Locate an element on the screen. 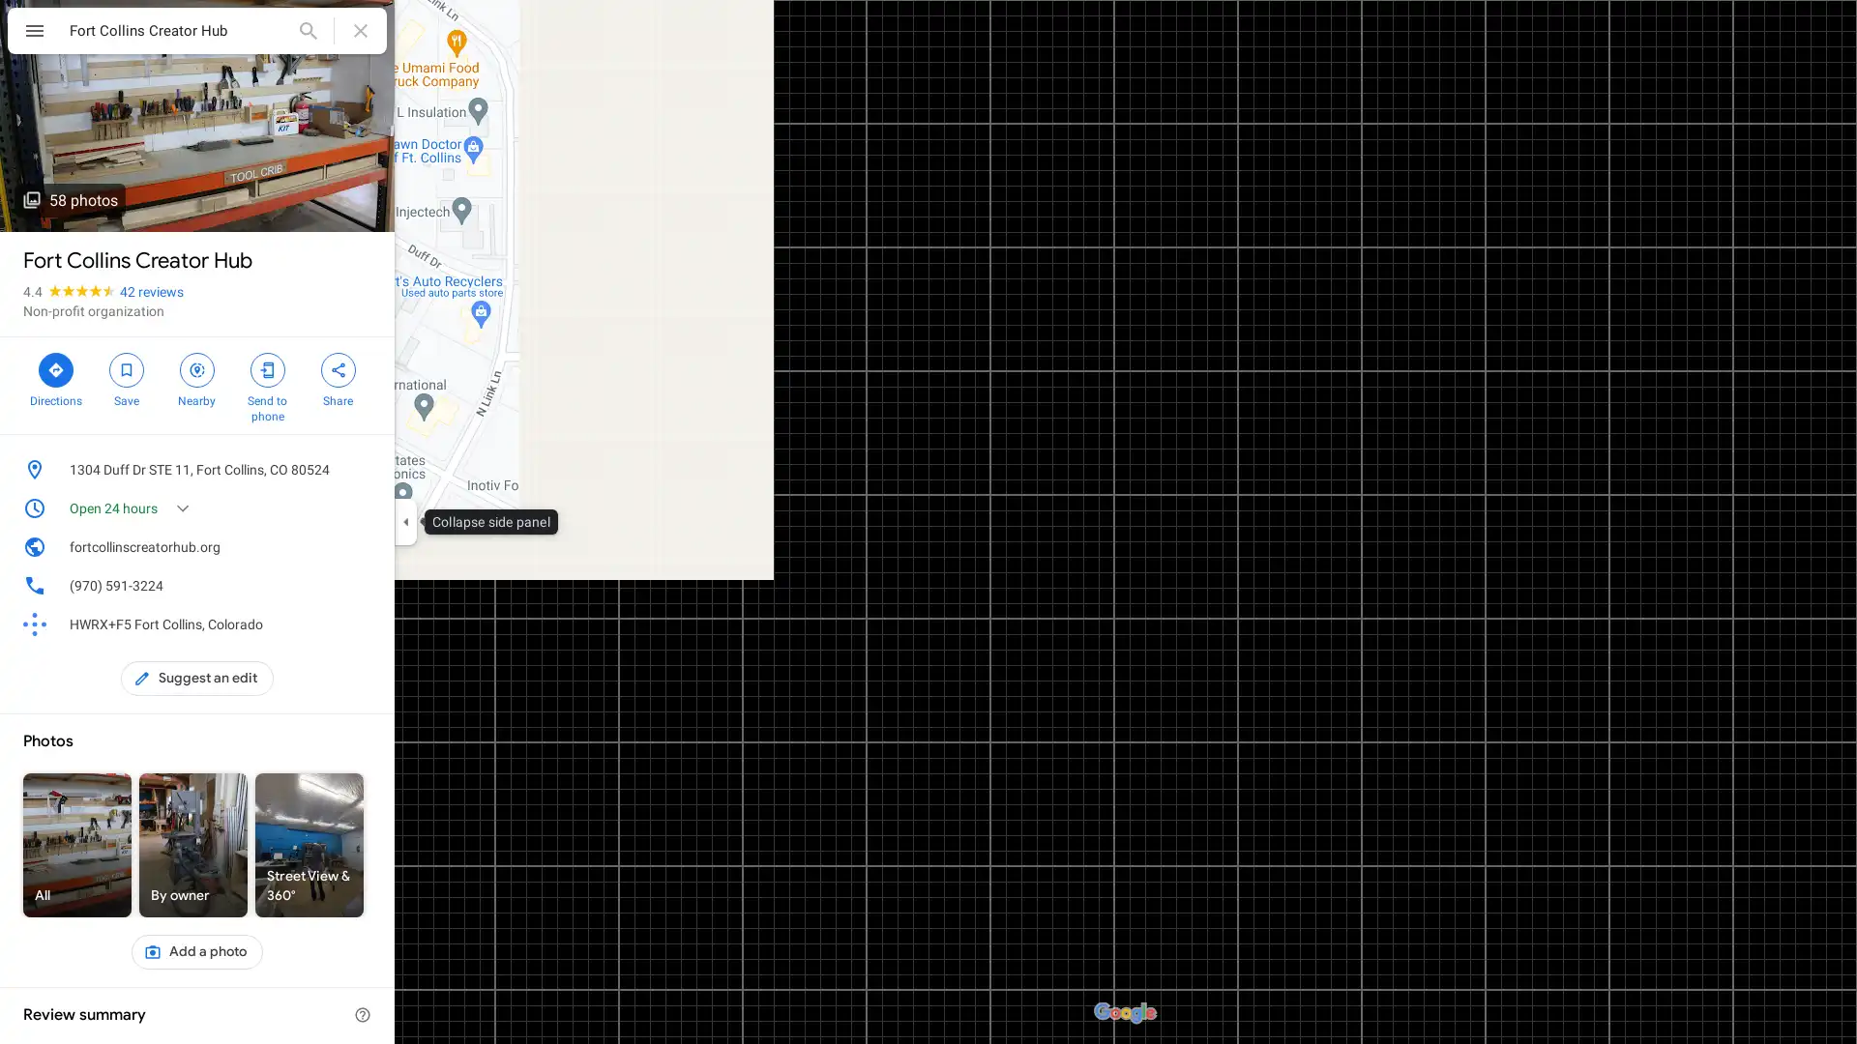 This screenshot has width=1857, height=1044. By owner is located at coordinates (193, 844).